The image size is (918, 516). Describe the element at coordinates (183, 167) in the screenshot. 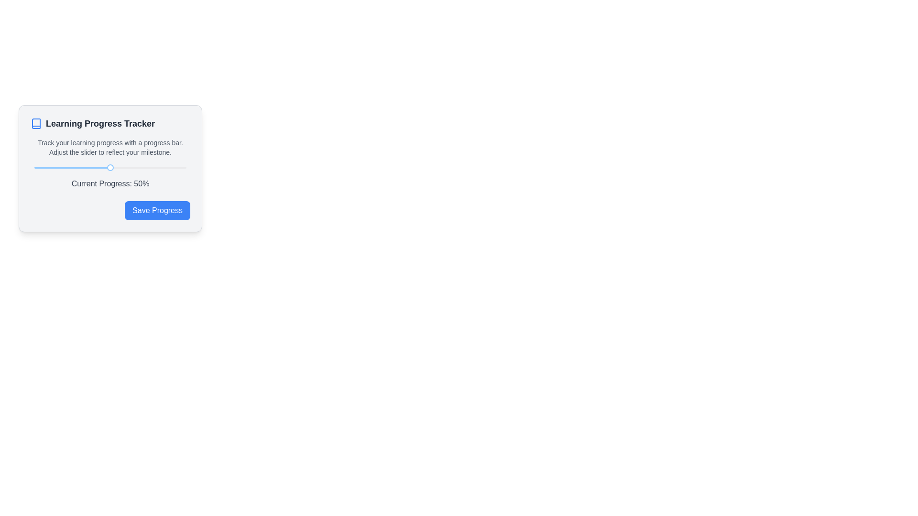

I see `the current progress` at that location.